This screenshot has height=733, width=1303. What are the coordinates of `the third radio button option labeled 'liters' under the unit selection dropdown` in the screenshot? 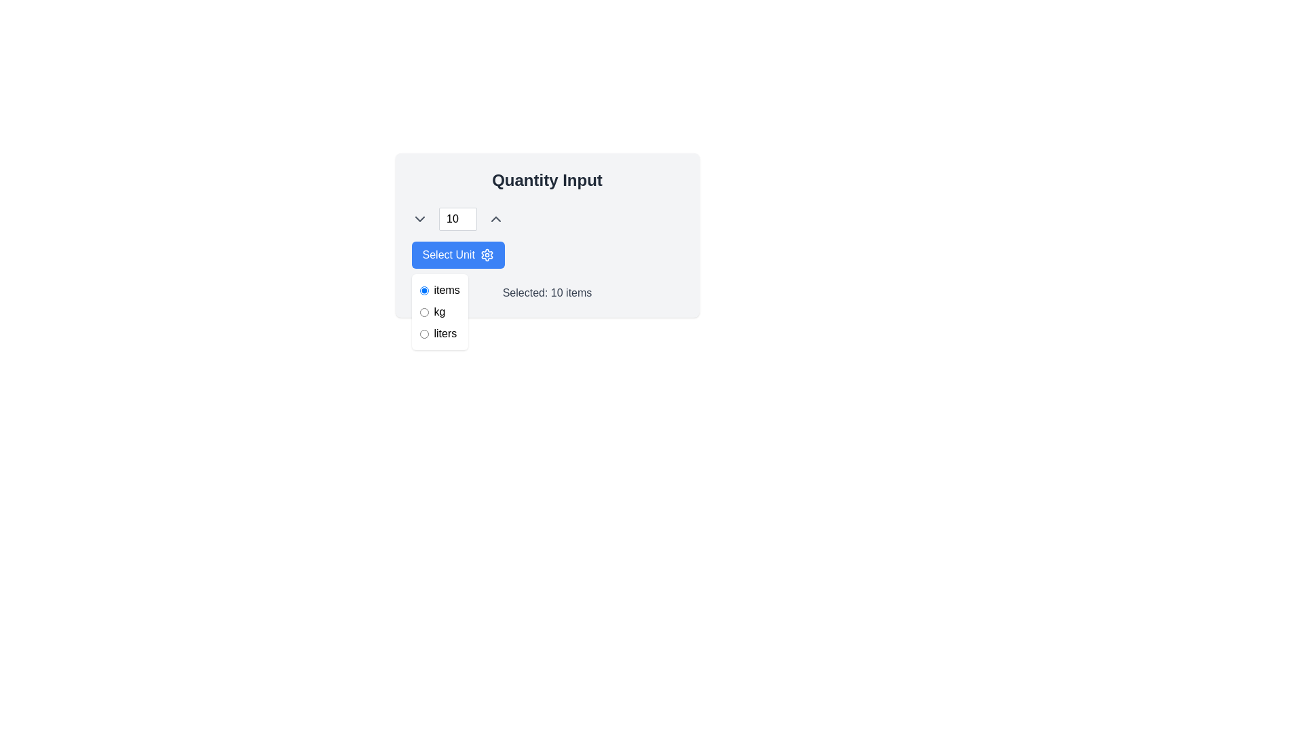 It's located at (423, 334).